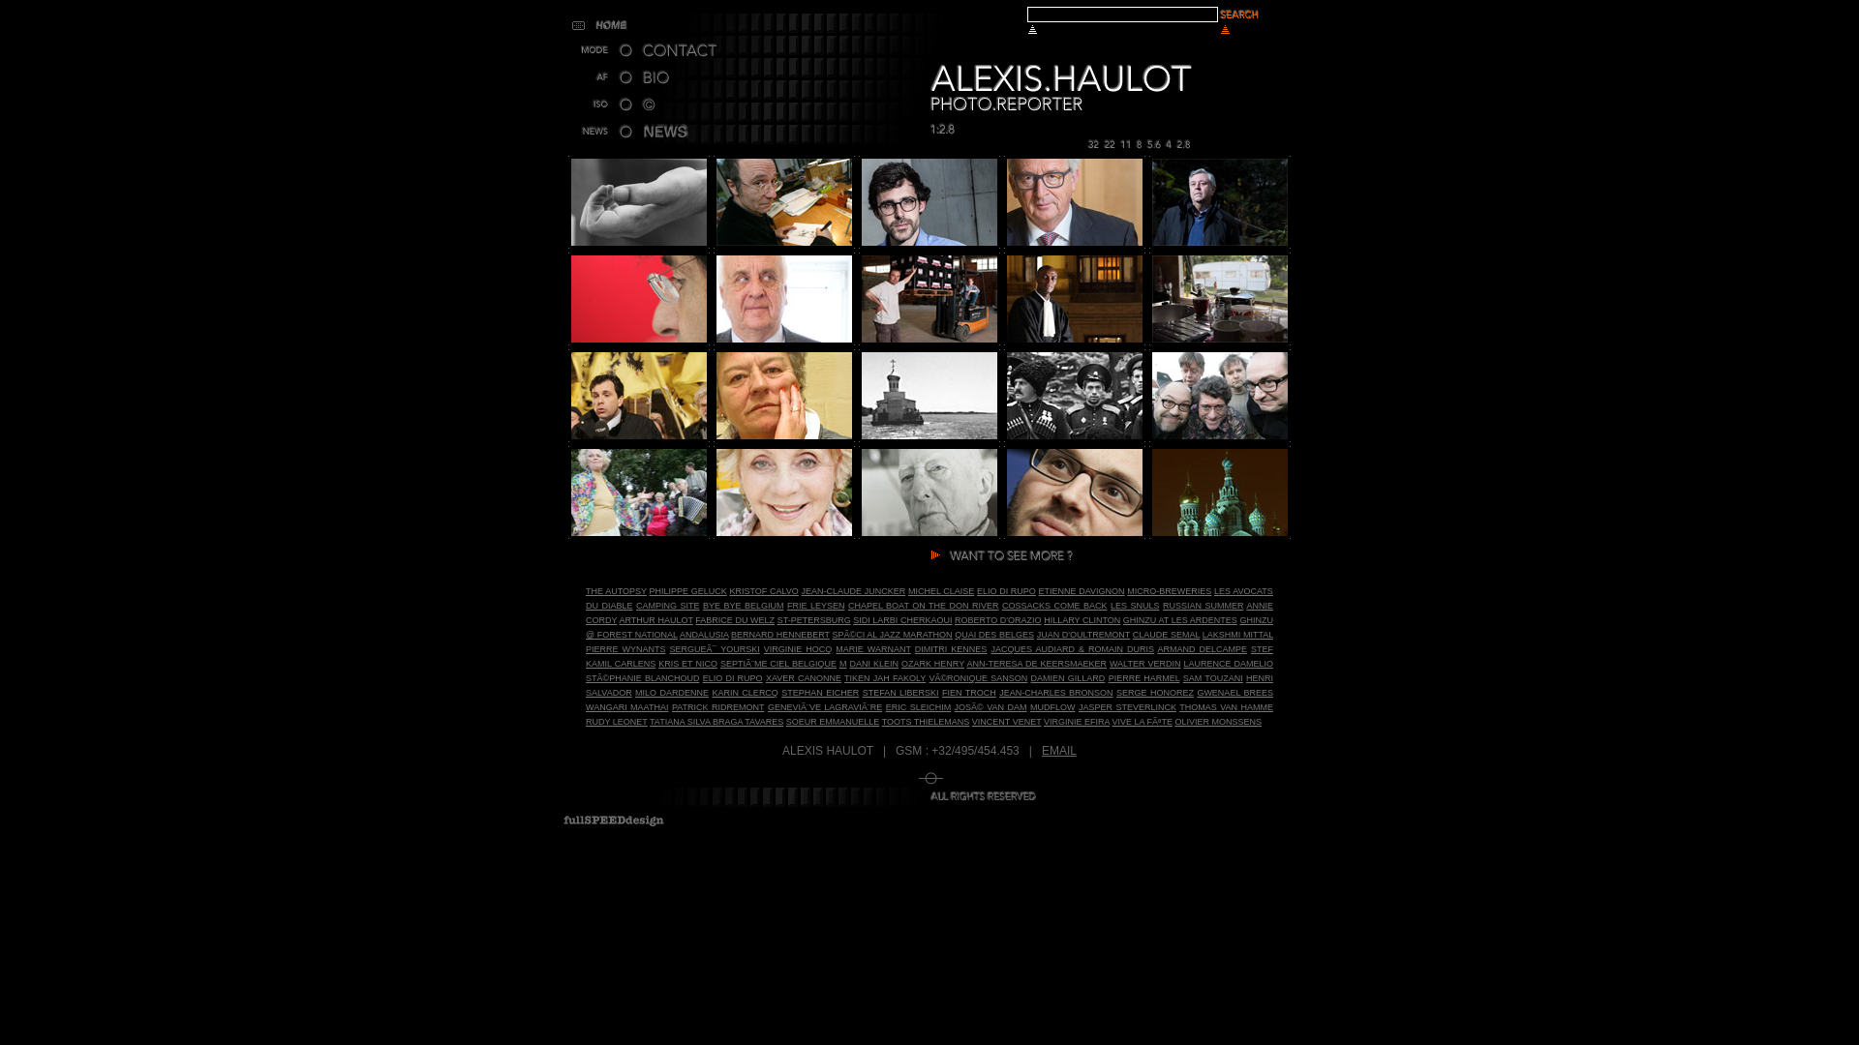 The width and height of the screenshot is (1859, 1045). Describe the element at coordinates (1227, 663) in the screenshot. I see `'LAURENCE DAMELIO'` at that location.